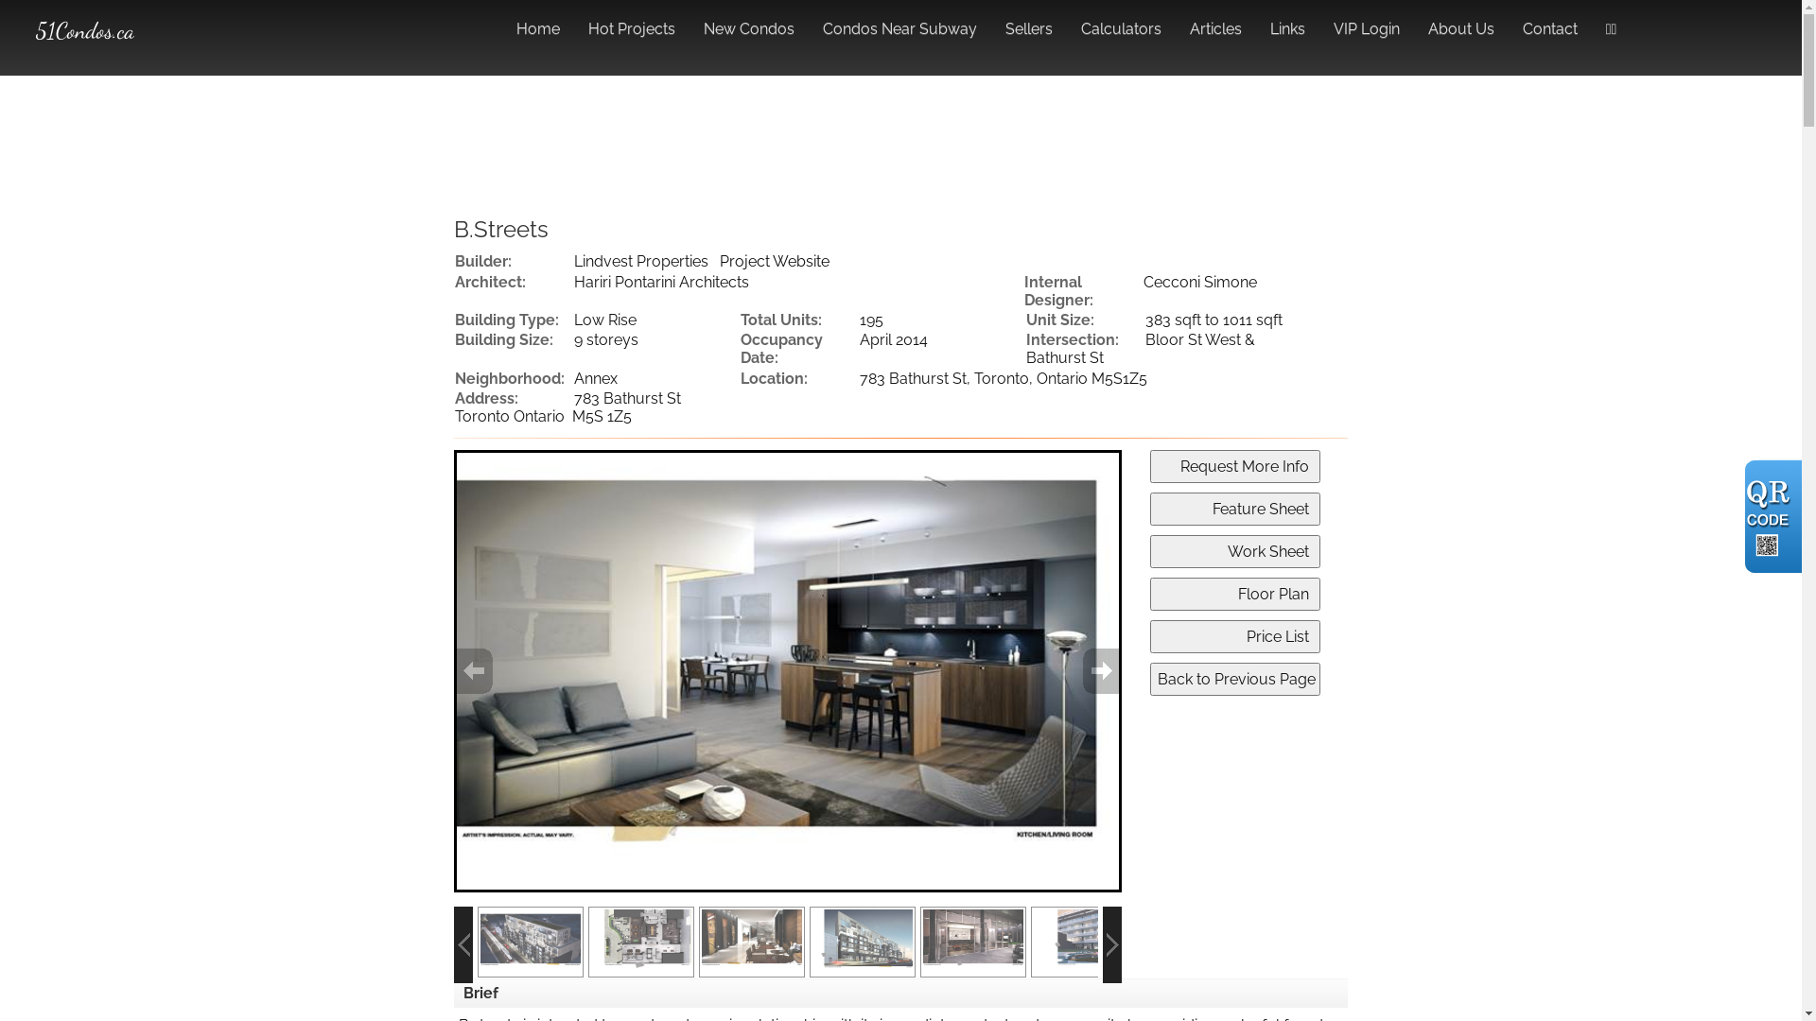 The height and width of the screenshot is (1021, 1816). Describe the element at coordinates (1148, 678) in the screenshot. I see `'Back to Previous Page'` at that location.